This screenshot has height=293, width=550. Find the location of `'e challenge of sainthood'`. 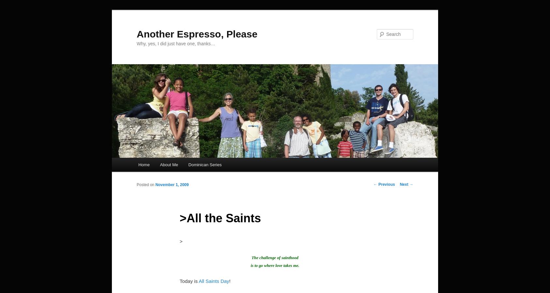

'e challenge of sainthood' is located at coordinates (256, 257).